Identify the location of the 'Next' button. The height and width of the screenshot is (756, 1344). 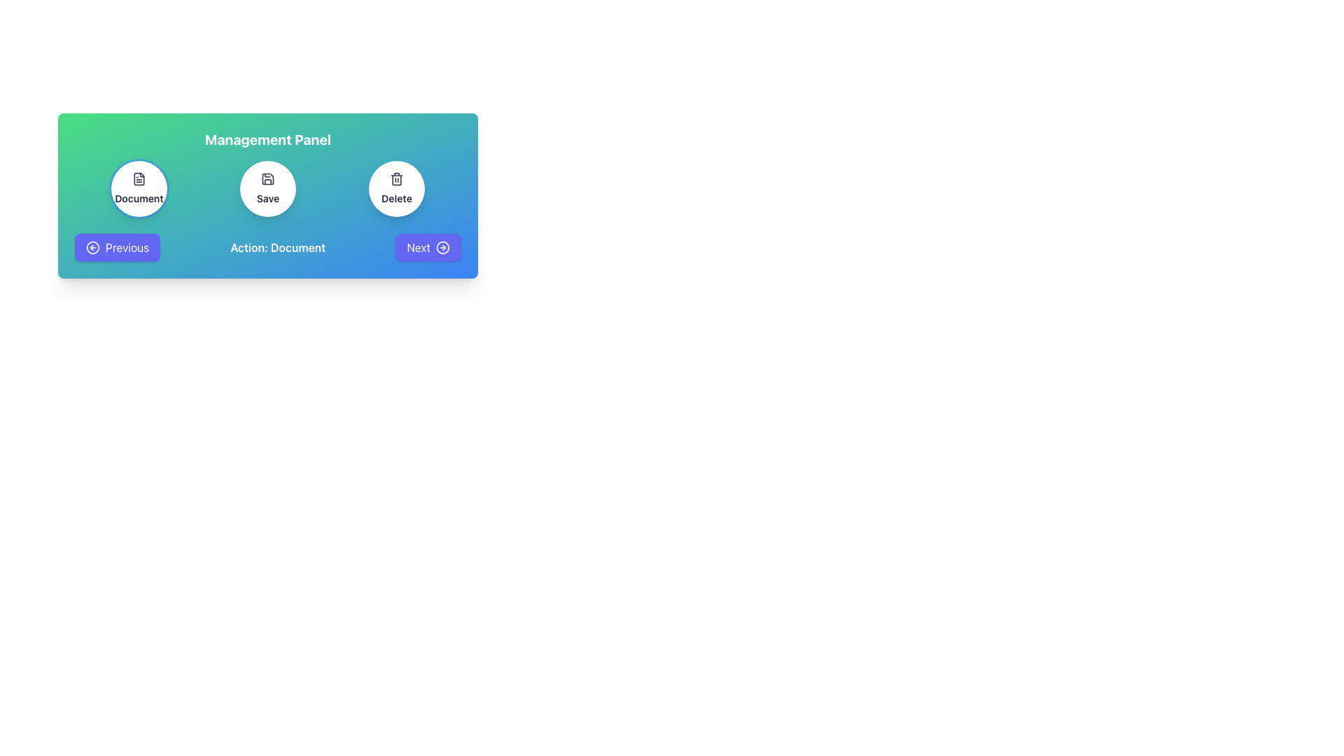
(428, 247).